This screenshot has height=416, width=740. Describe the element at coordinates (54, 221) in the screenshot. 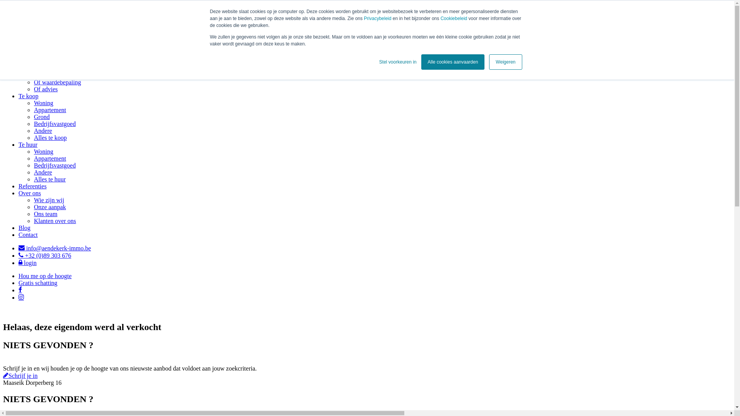

I see `'Klanten over ons'` at that location.